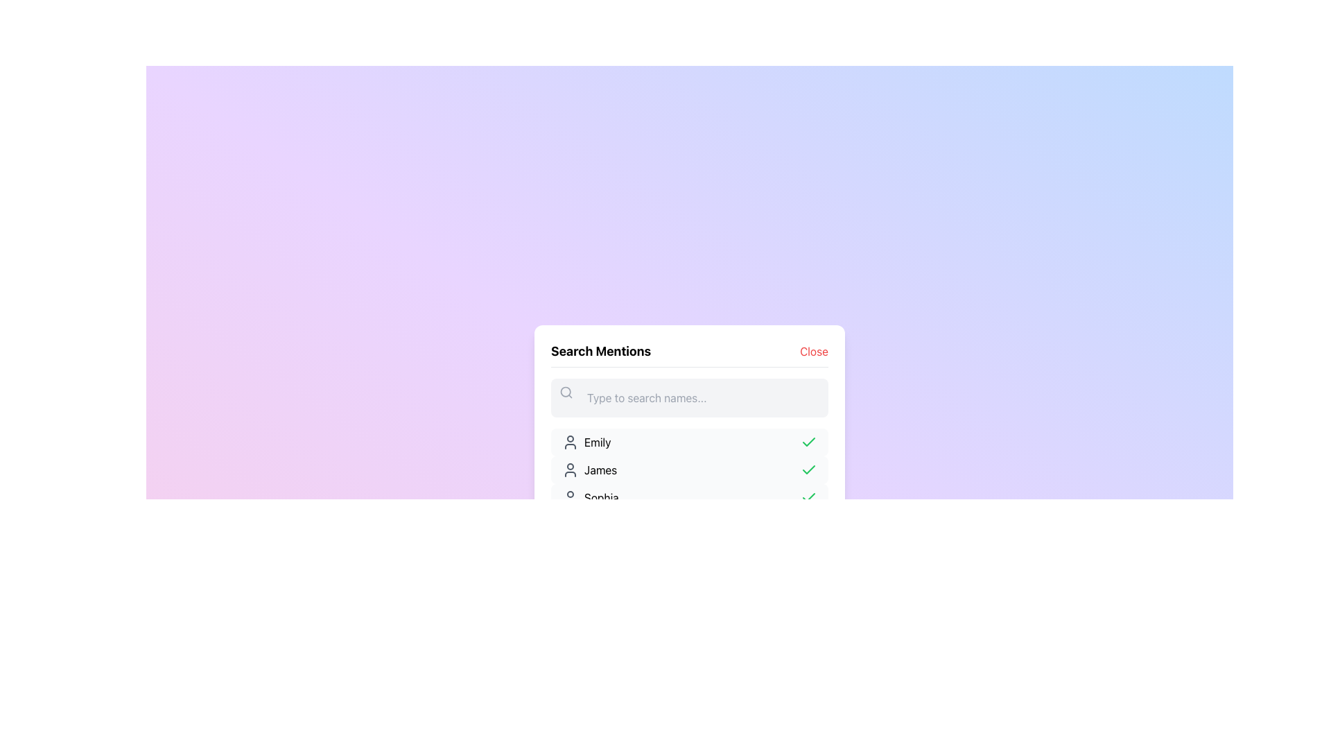 The image size is (1331, 749). I want to click on the green check mark icon located to the right of the text 'Emily' within the list of names, so click(808, 442).